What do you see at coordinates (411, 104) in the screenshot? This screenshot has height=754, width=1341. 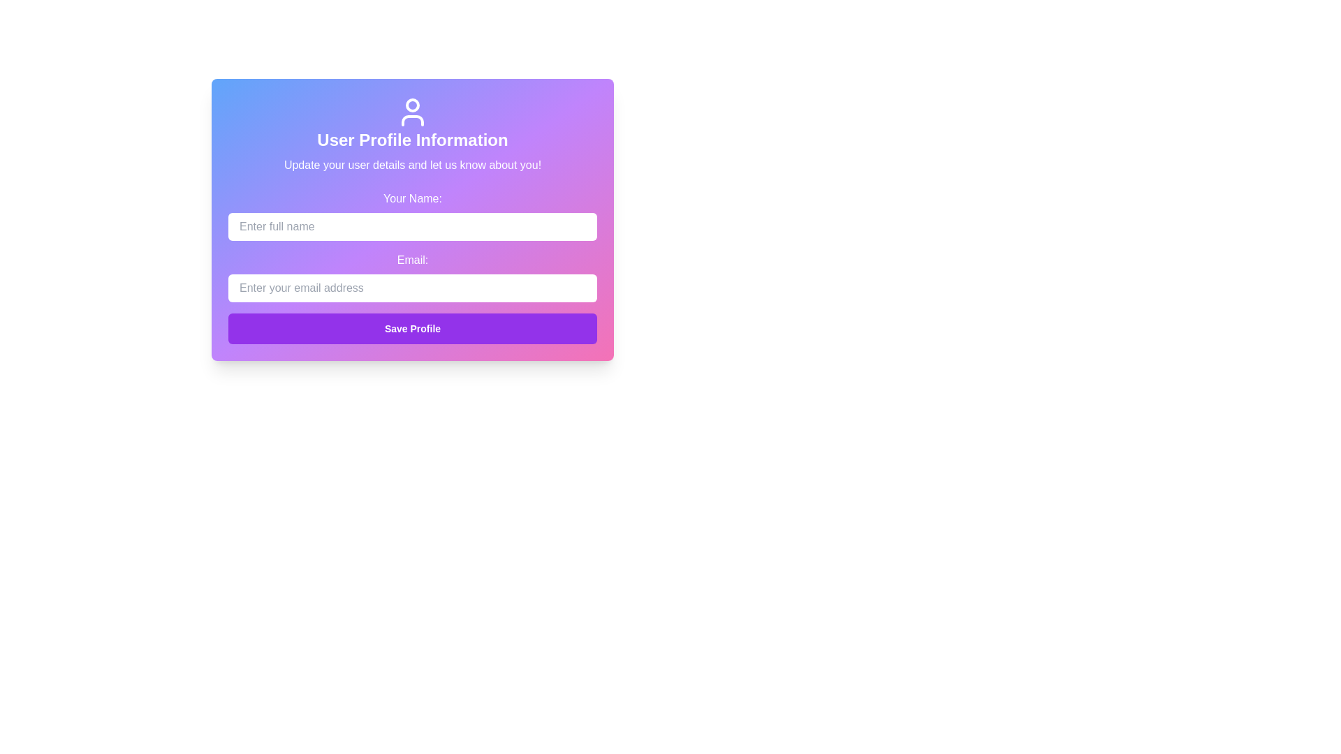 I see `the small circular shape that represents the user's head in the user profile icon, located at the center top of the icon` at bounding box center [411, 104].